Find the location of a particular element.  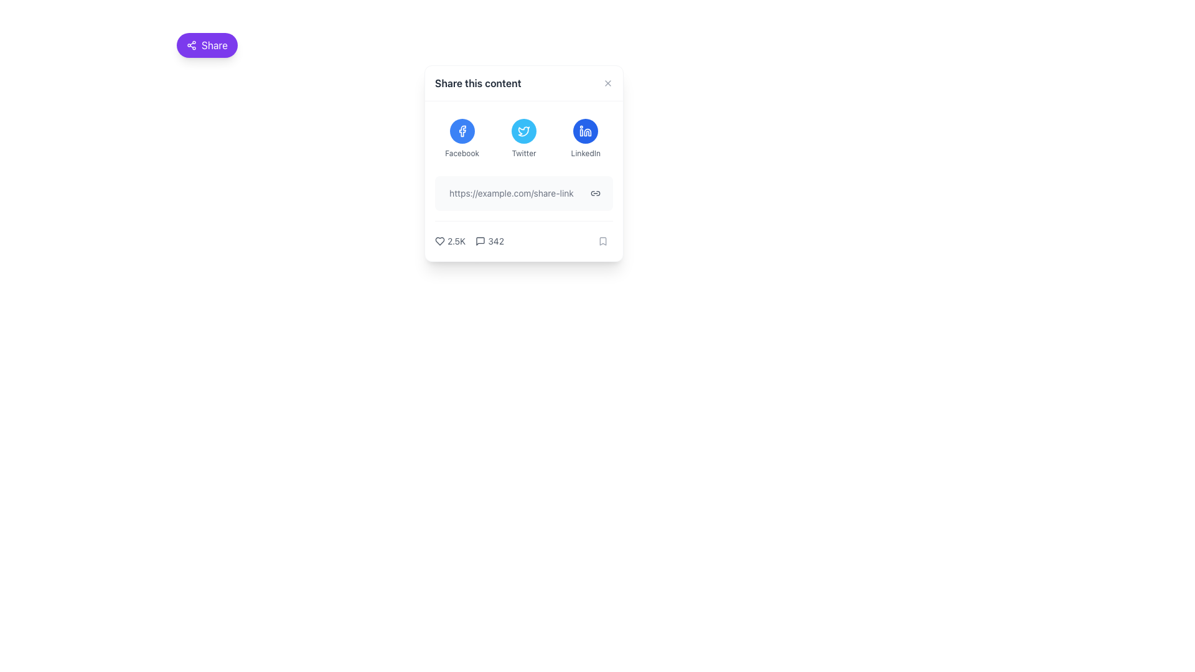

the share button located within the share dialog box is located at coordinates (594, 194).